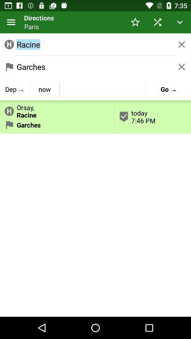  I want to click on item next to today 7 46 item, so click(57, 110).